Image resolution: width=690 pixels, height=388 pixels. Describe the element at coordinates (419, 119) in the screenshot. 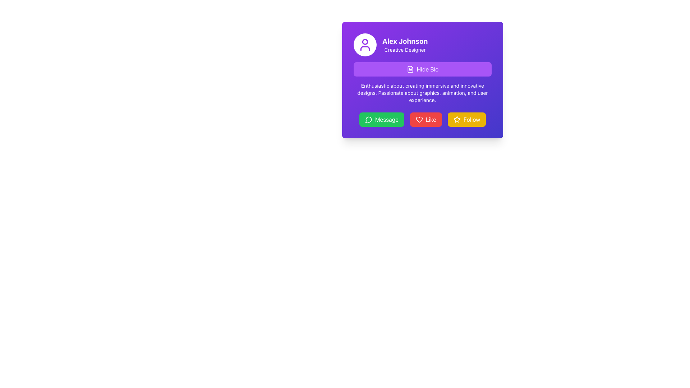

I see `the heart decorative icon inside the 'Like' button, which symbolizes the 'Like' action and is located in the lower section of the card interface` at that location.